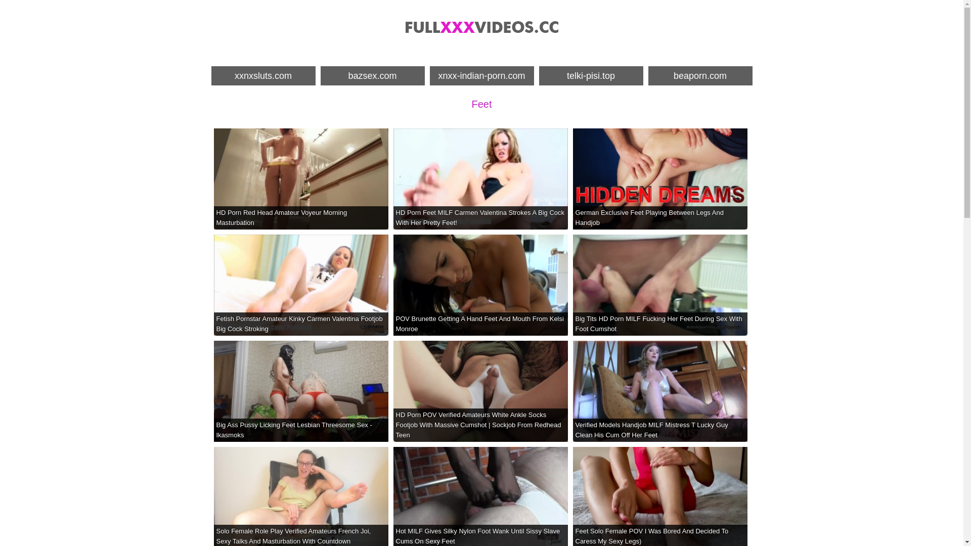 The height and width of the screenshot is (546, 971). I want to click on 'xxnxsluts.com', so click(263, 75).